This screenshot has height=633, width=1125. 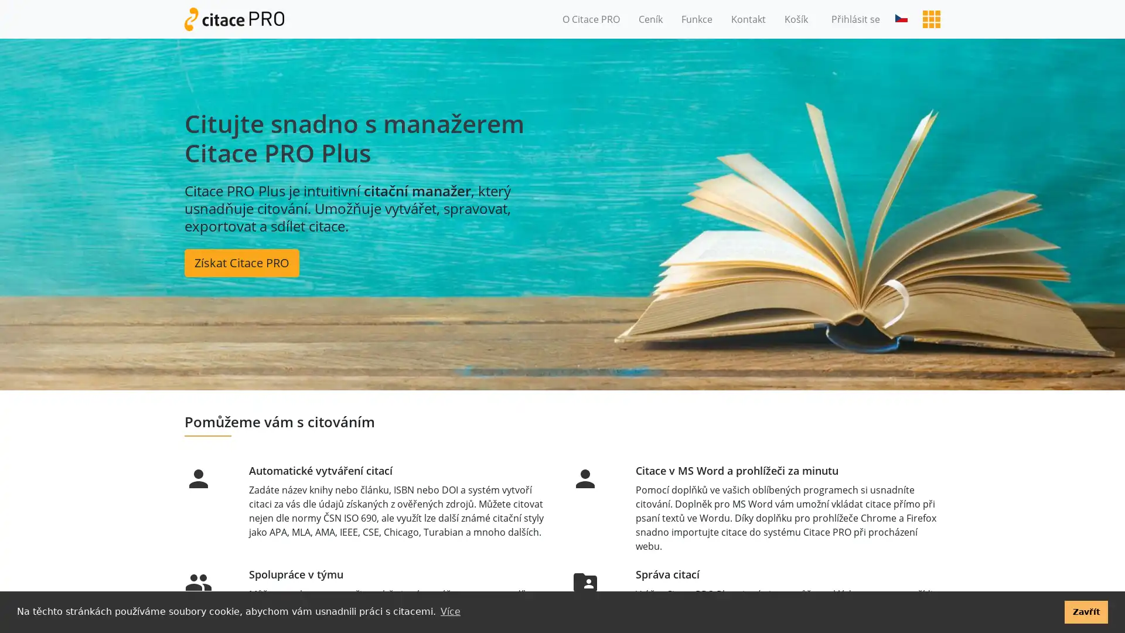 What do you see at coordinates (1085, 611) in the screenshot?
I see `dismiss cookie message` at bounding box center [1085, 611].